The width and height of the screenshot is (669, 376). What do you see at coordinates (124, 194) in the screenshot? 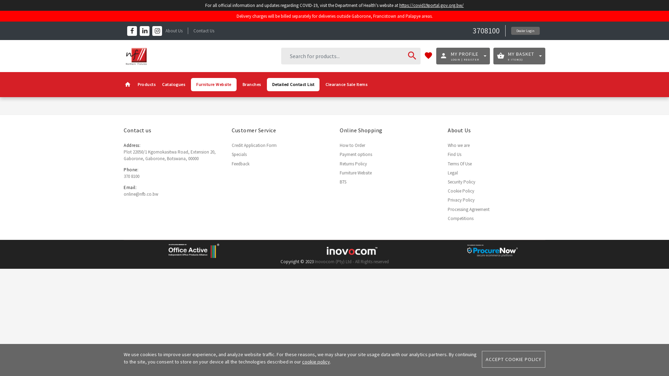
I see `'online@nfb.co.bw'` at bounding box center [124, 194].